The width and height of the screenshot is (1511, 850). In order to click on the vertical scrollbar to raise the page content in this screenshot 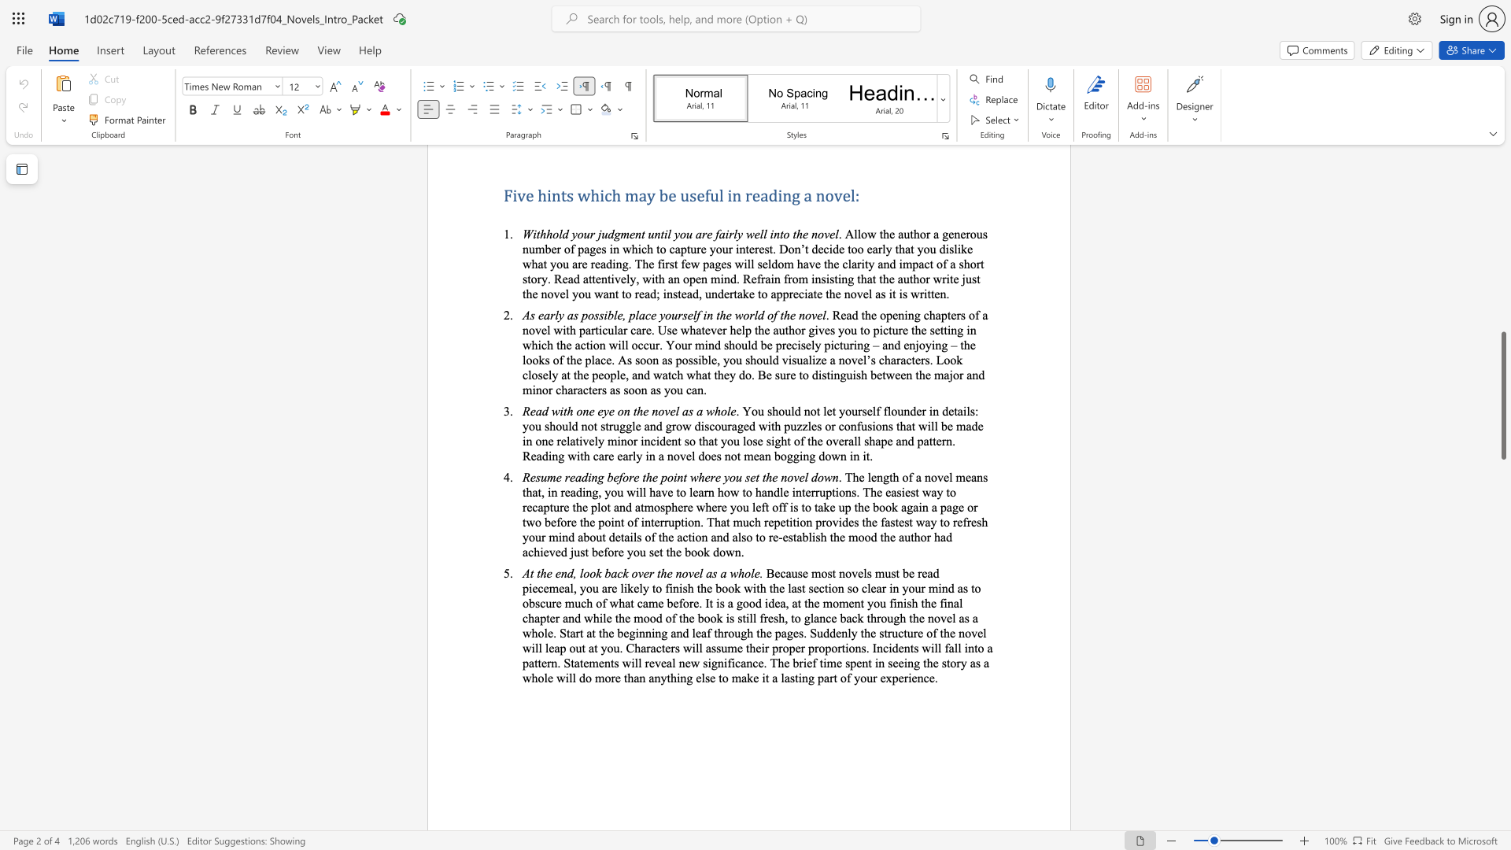, I will do `click(1502, 361)`.